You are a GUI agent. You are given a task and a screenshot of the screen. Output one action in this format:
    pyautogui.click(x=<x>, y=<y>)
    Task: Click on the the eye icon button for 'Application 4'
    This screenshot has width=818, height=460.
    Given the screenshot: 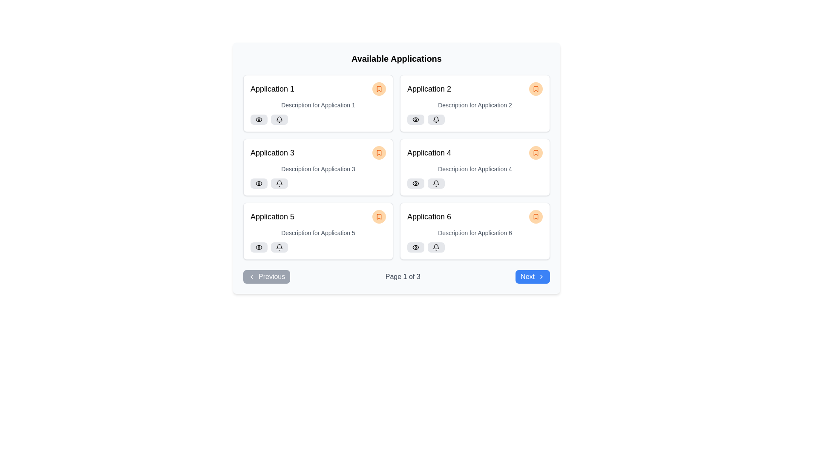 What is the action you would take?
    pyautogui.click(x=415, y=183)
    